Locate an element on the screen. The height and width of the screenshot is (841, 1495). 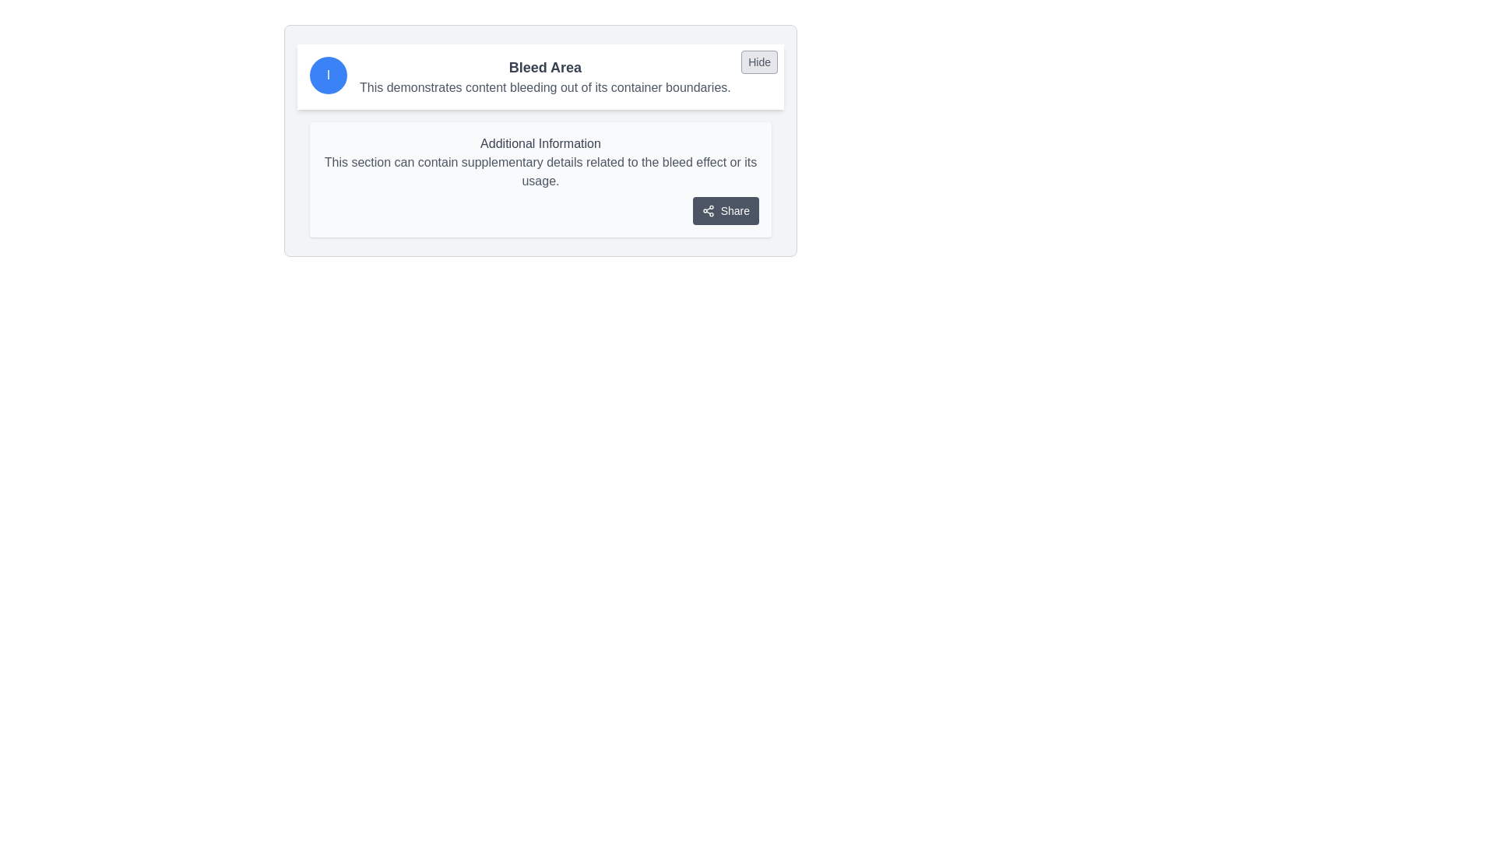
text on the Notification banner that contains a blue circular icon with the letter 'I' and the heading 'Bleed Area' along with its description is located at coordinates (540, 77).